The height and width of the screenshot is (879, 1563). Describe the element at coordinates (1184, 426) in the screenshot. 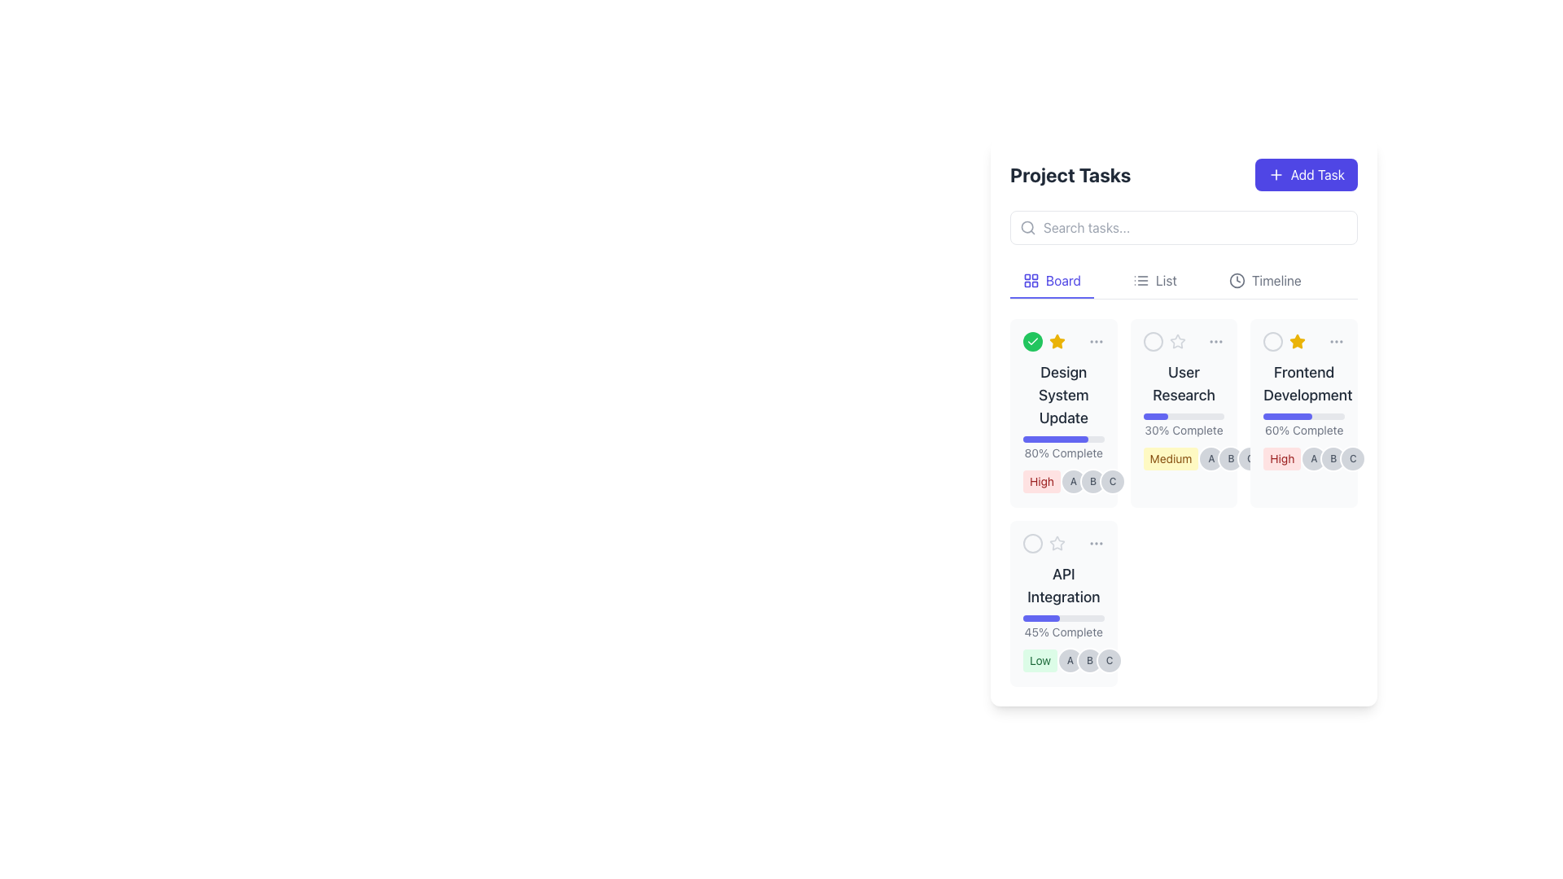

I see `the static text label displaying '30% Complete' located below the progress bar in the task board view for the 'User Research' task` at that location.